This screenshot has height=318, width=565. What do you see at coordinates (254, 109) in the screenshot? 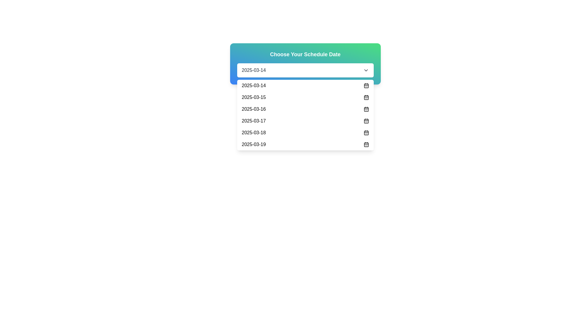
I see `the static text element displaying the date '2025-03-16' in the dropdown list` at bounding box center [254, 109].